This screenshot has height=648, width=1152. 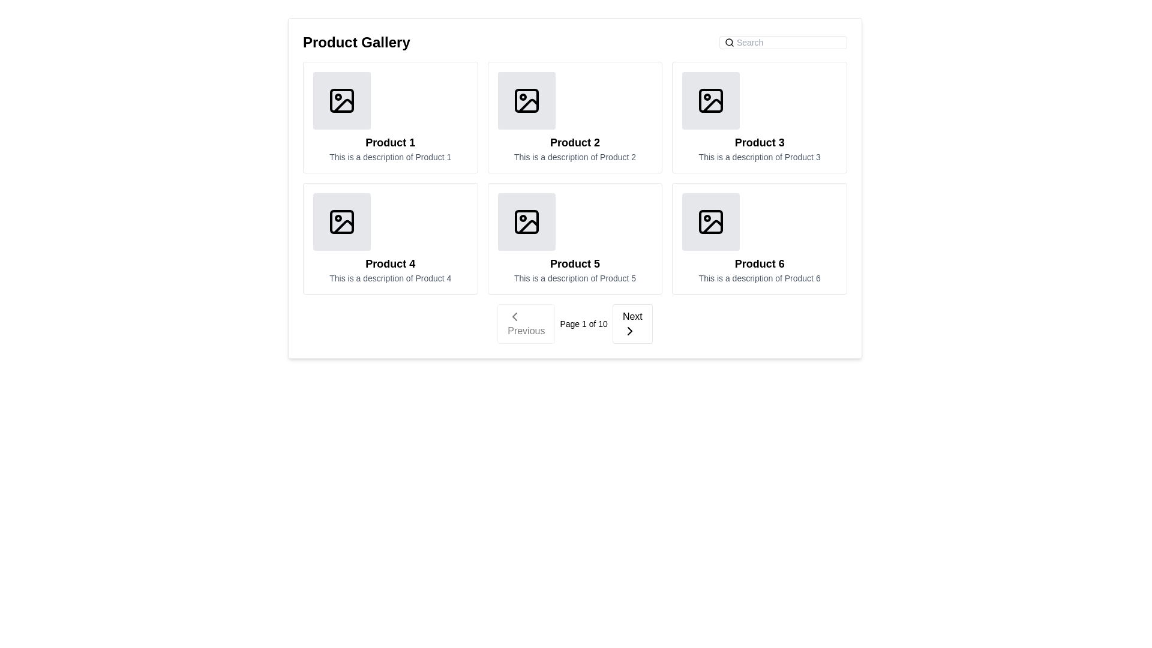 I want to click on the chevron arrow icon located at the bottom-center of the interface, adjacent to the 'Next' text, which serves as a navigation indicator for moving to the next content or page, so click(x=629, y=331).